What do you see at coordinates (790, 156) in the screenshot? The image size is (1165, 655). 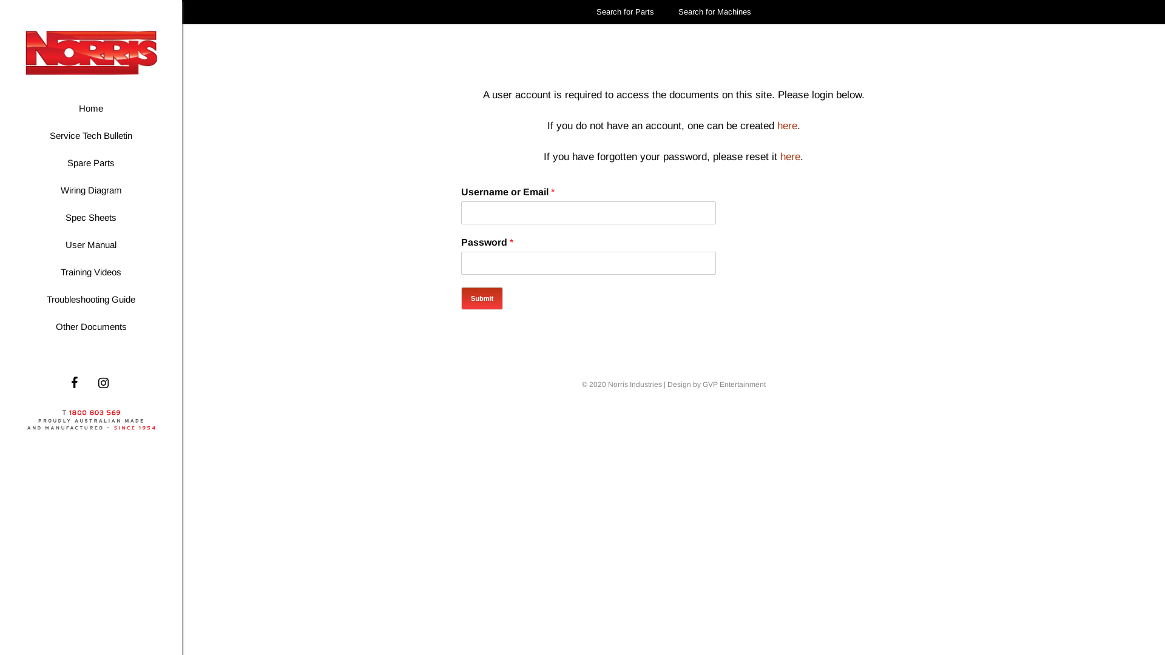 I see `'here'` at bounding box center [790, 156].